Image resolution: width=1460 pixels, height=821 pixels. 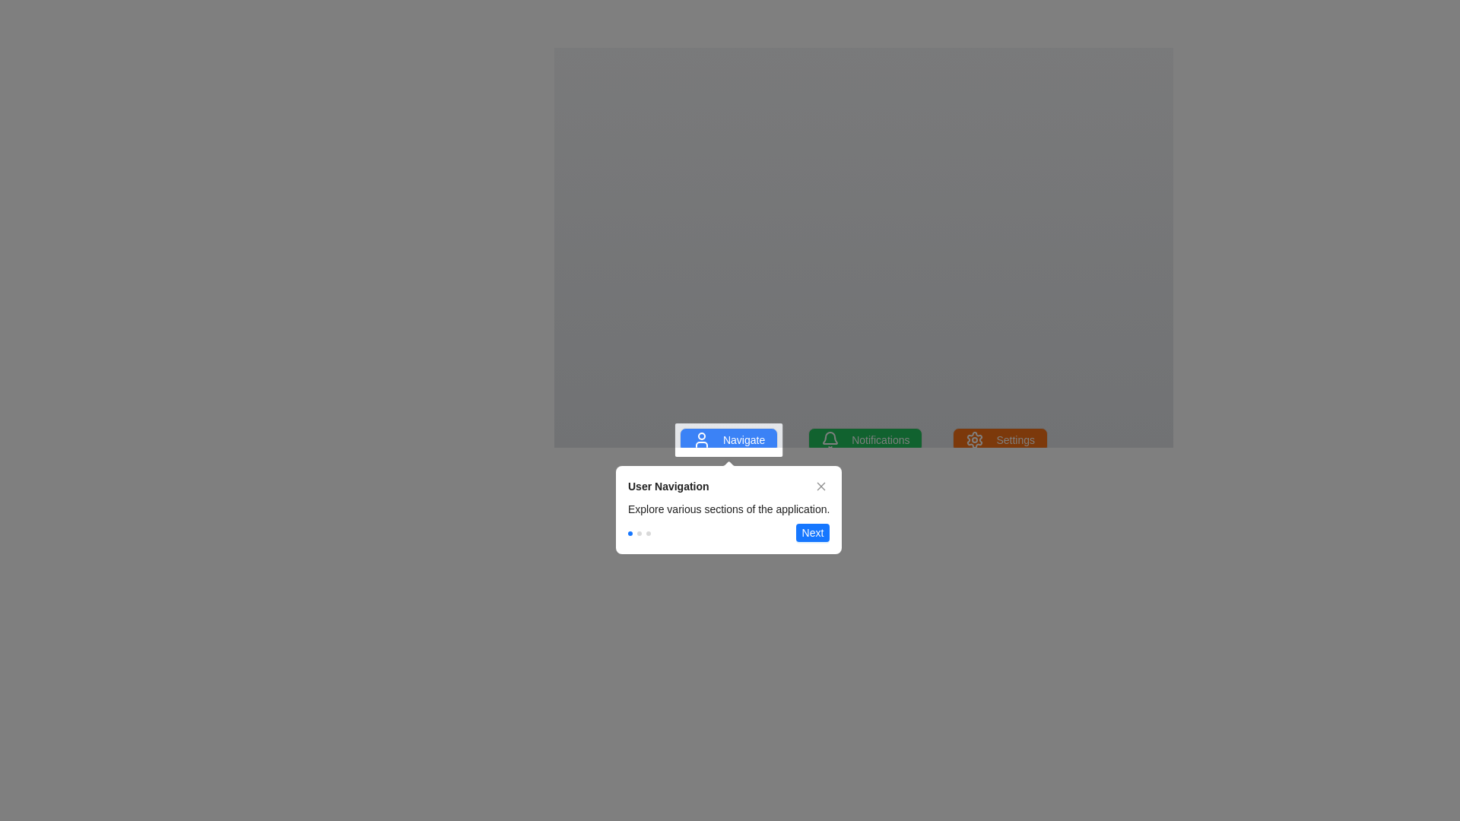 I want to click on the settings button, which is the rightmost button in a row of three buttons, so click(x=1000, y=439).